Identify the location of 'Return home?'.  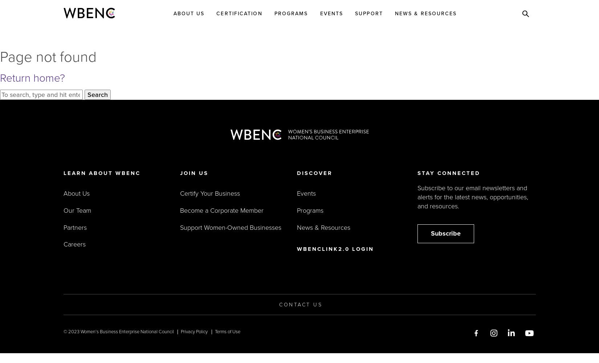
(32, 77).